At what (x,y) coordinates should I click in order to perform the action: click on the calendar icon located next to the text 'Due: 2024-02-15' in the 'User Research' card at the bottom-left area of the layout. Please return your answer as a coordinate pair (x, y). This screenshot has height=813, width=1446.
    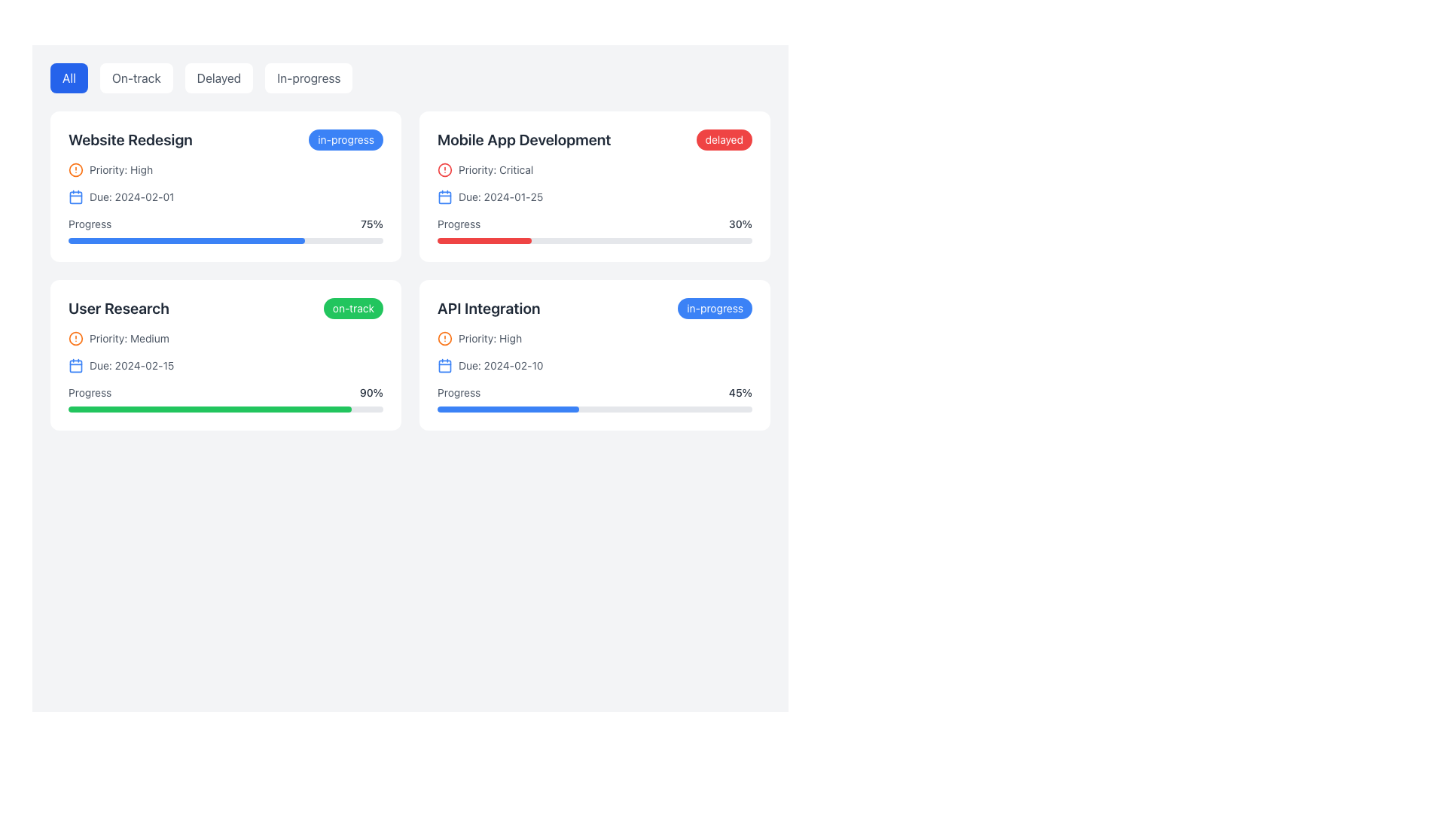
    Looking at the image, I should click on (75, 366).